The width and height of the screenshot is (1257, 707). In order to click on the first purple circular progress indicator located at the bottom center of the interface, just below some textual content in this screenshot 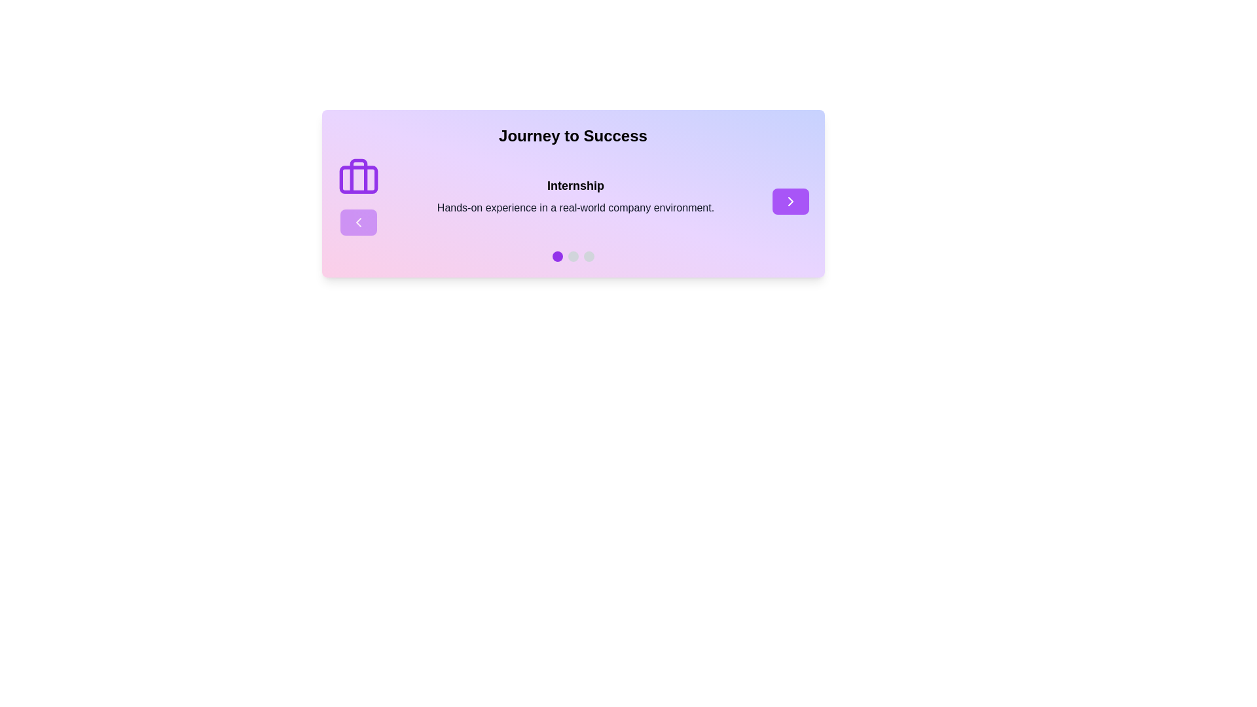, I will do `click(557, 257)`.